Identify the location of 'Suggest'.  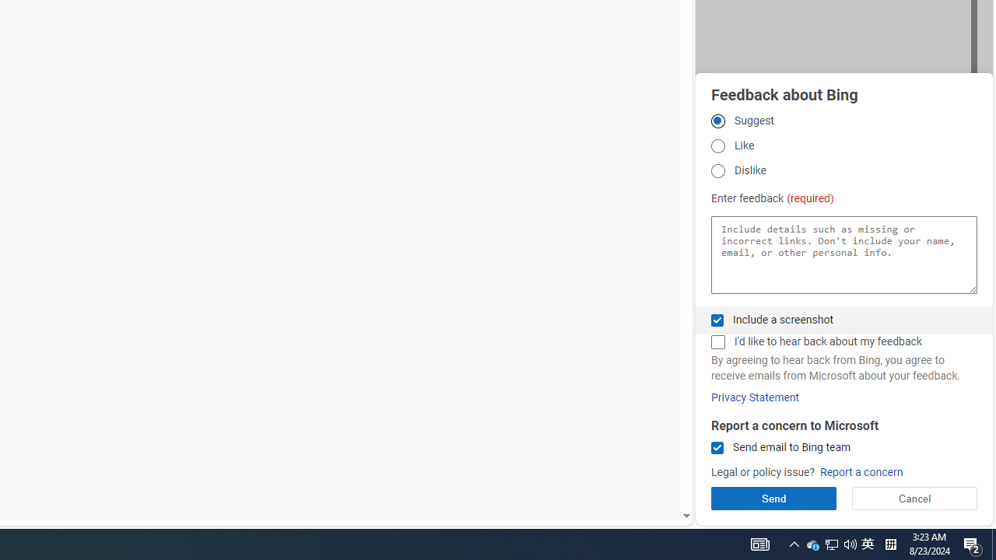
(717, 120).